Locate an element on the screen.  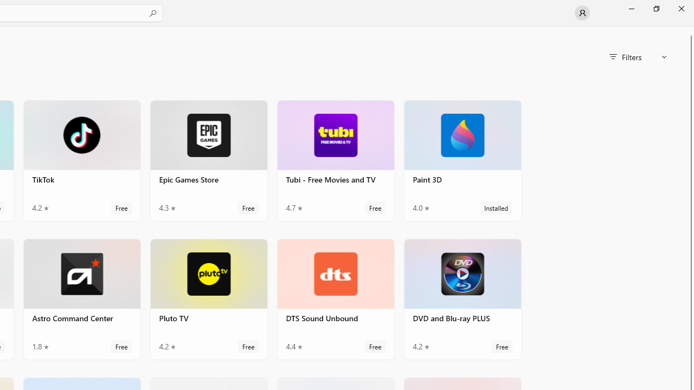
'Close Microsoft Store' is located at coordinates (680, 8).